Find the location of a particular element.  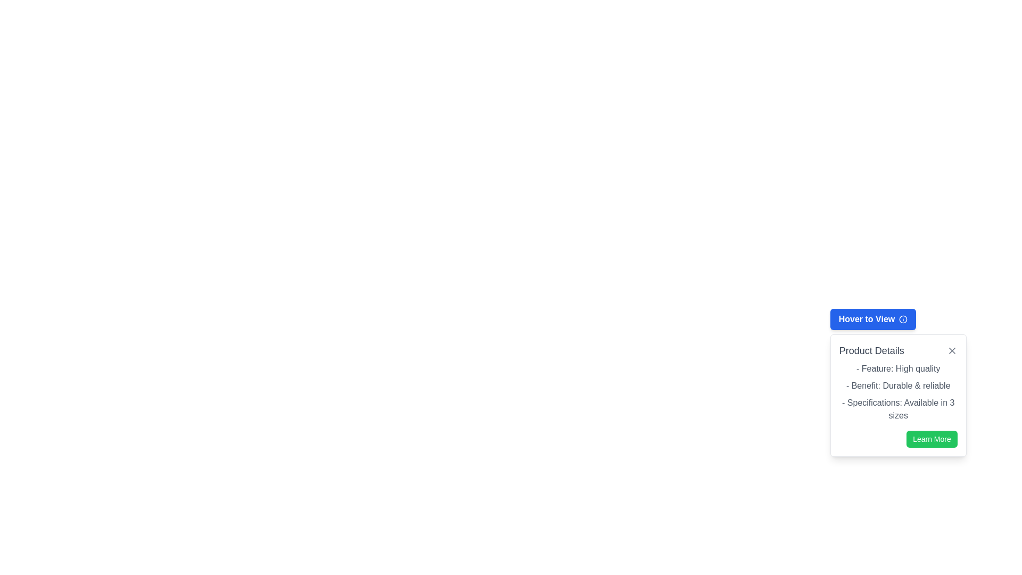

the text label displaying '- Feature: High quality' in the 'Product Details' section, which is styled in gray and aligned to the left is located at coordinates (897, 368).